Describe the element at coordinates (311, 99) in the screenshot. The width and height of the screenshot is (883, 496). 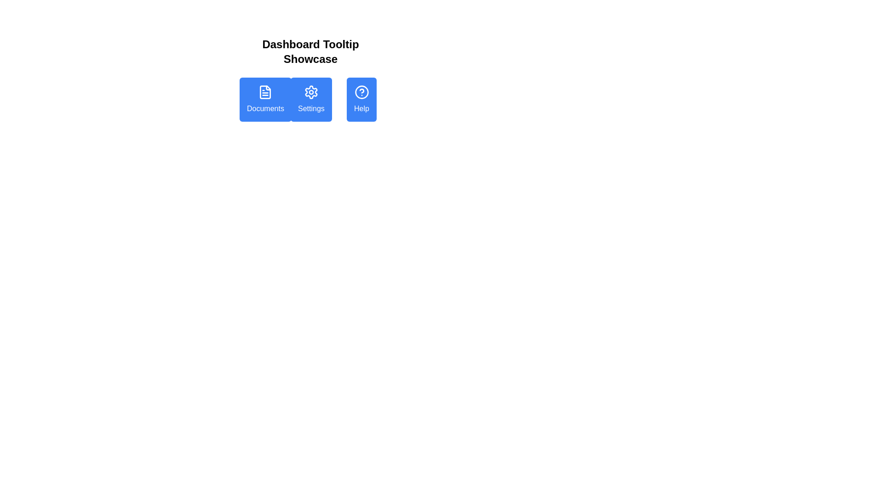
I see `the middle button located between the 'Documents' button on the left and the 'Help' button on the right, which navigates to the settings page when clicked` at that location.